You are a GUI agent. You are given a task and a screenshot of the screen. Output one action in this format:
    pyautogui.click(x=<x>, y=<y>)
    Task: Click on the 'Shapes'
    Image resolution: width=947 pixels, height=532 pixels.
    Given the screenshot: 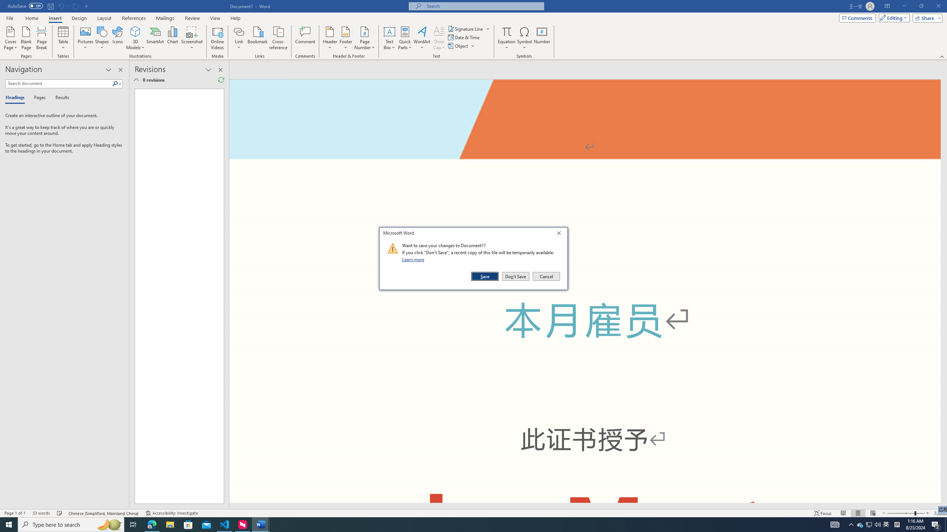 What is the action you would take?
    pyautogui.click(x=102, y=38)
    